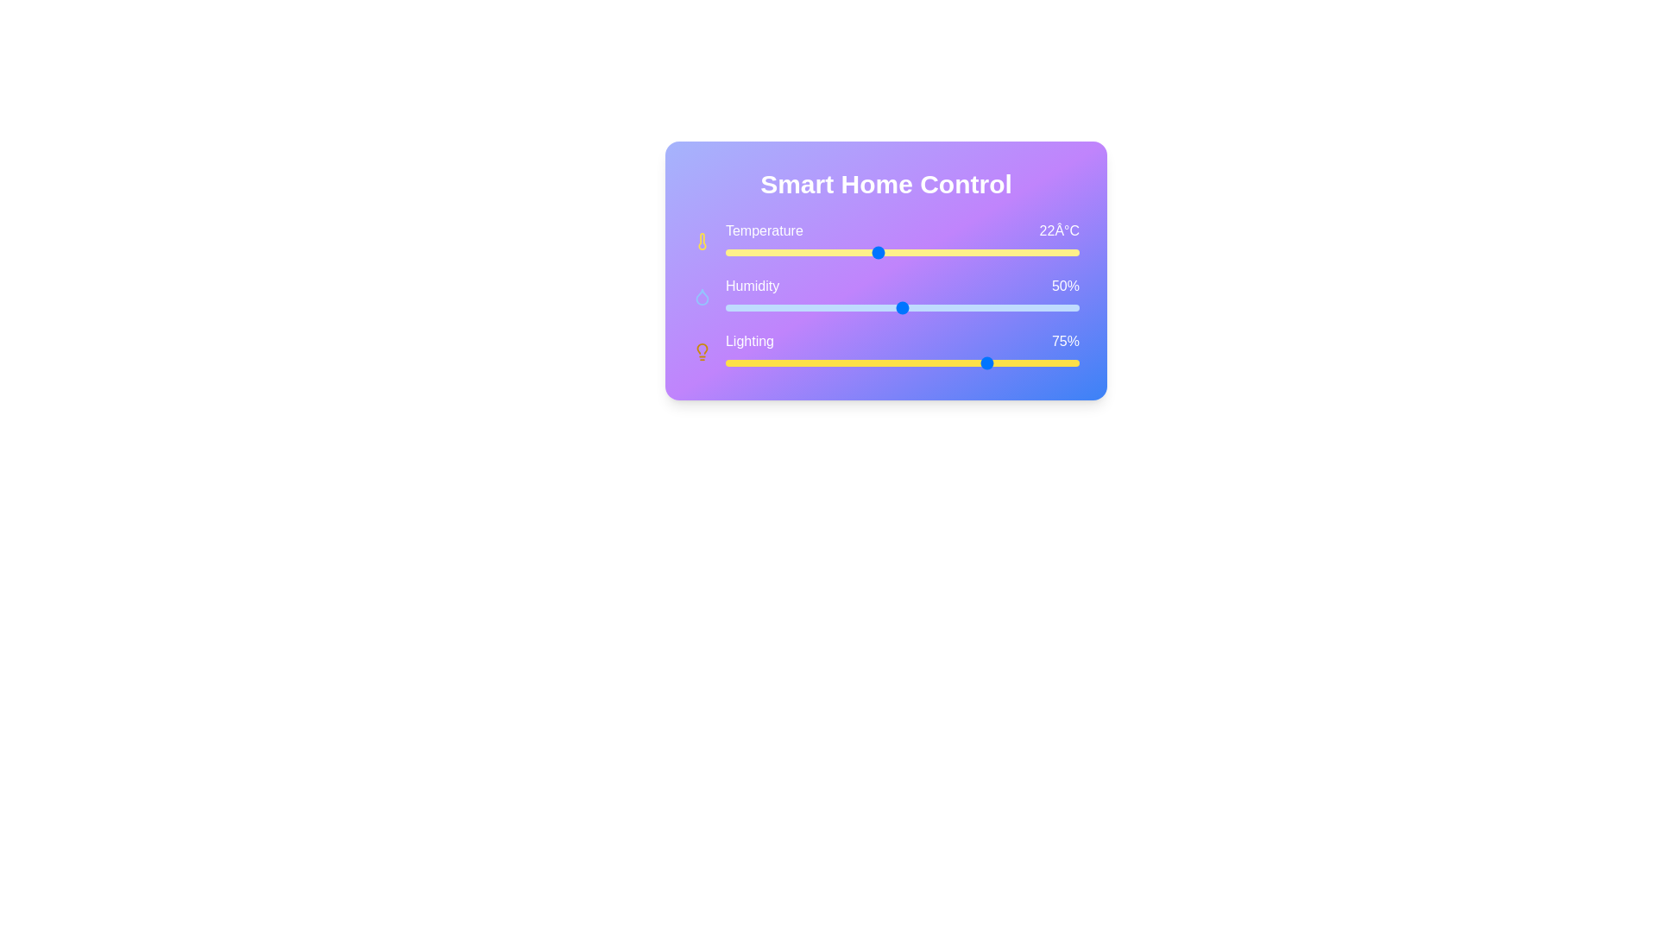 This screenshot has width=1657, height=932. I want to click on the temperature slider to set the temperature to 22°C, so click(877, 253).